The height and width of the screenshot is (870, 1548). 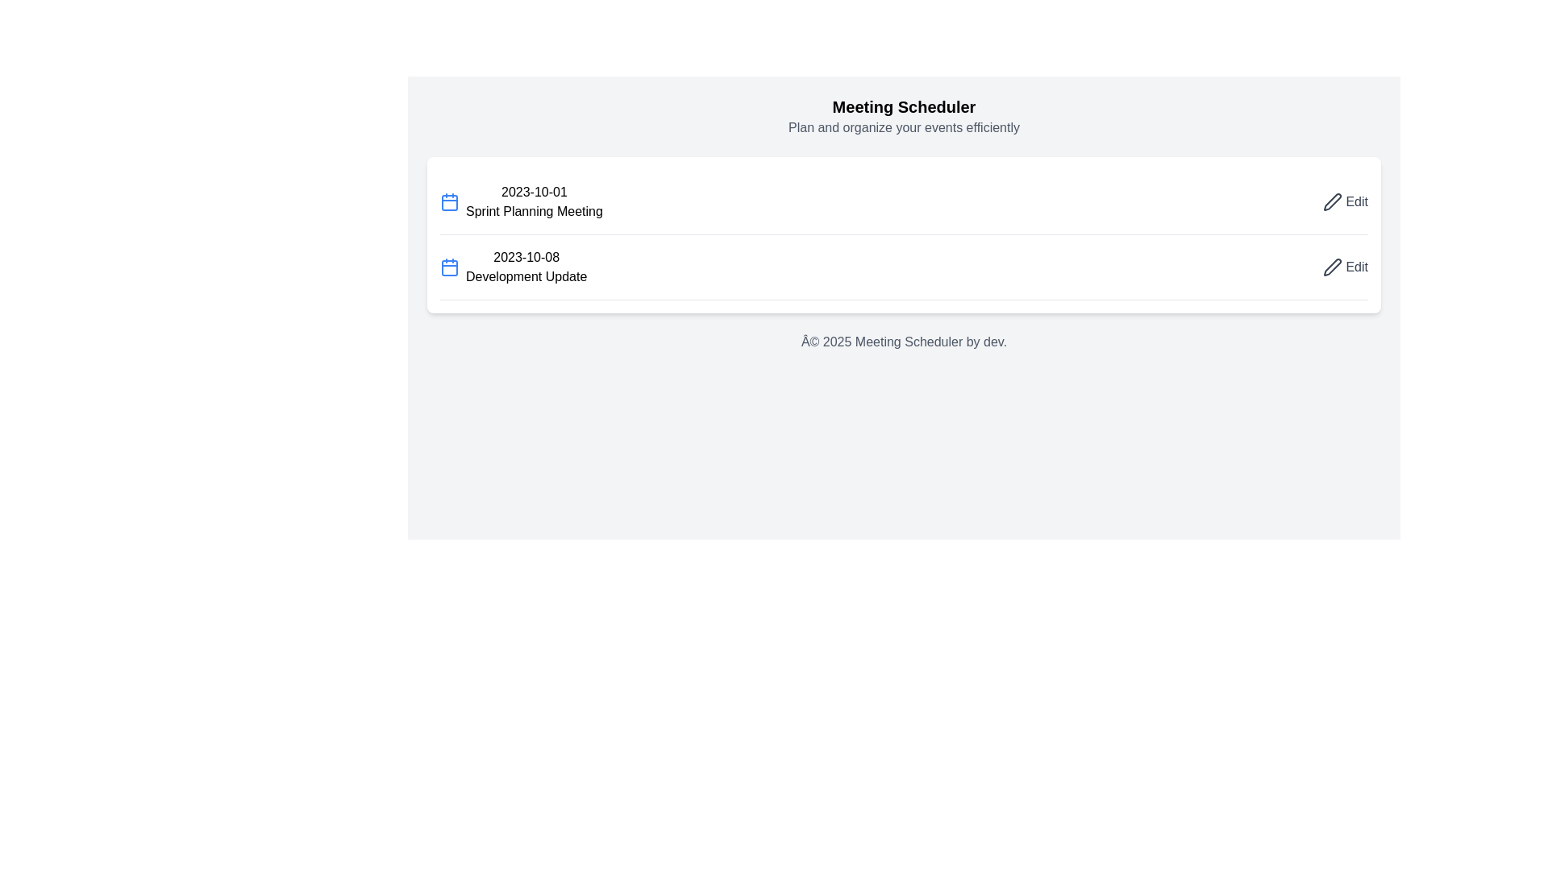 What do you see at coordinates (513, 266) in the screenshot?
I see `the second item in the event list, which features a blue calendar icon and the text '2023-10-08' followed by 'Development Update'` at bounding box center [513, 266].